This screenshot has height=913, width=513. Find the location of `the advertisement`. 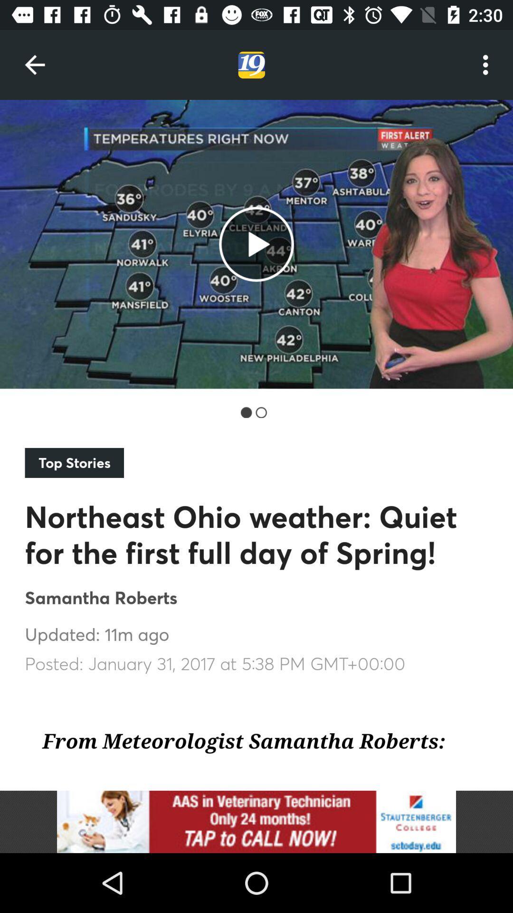

the advertisement is located at coordinates (256, 821).